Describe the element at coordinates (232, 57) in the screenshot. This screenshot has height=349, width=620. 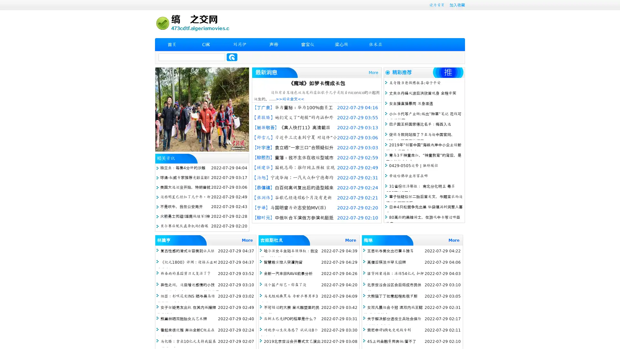
I see `Search` at that location.